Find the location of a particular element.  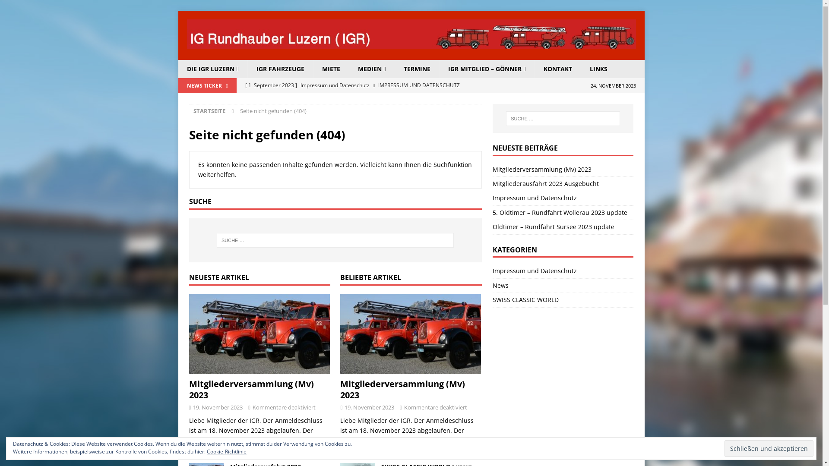

'Cookie-Richtlinie' is located at coordinates (226, 451).